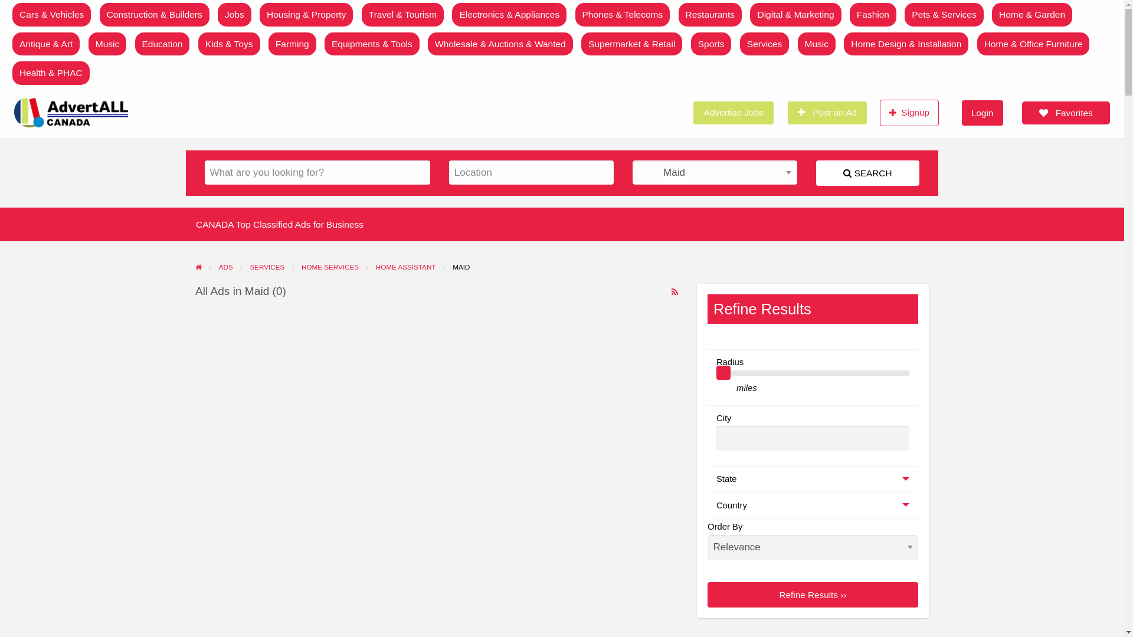 The height and width of the screenshot is (637, 1133). What do you see at coordinates (622, 14) in the screenshot?
I see `'Phones & Telecoms'` at bounding box center [622, 14].